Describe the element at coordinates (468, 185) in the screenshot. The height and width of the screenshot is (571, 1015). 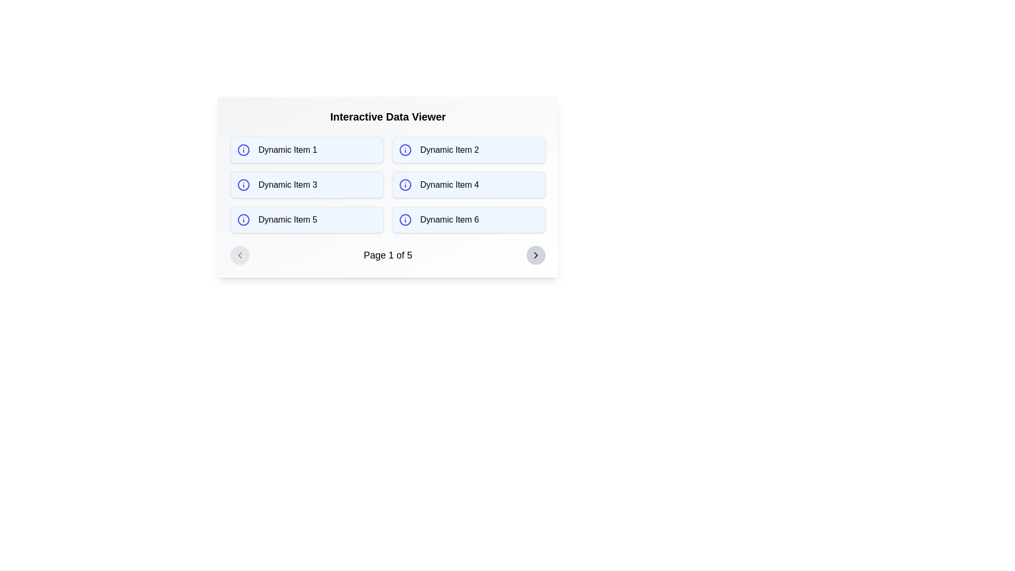
I see `the button labeled 'Dynamic Item 4' which has a light blue background and an information icon` at that location.